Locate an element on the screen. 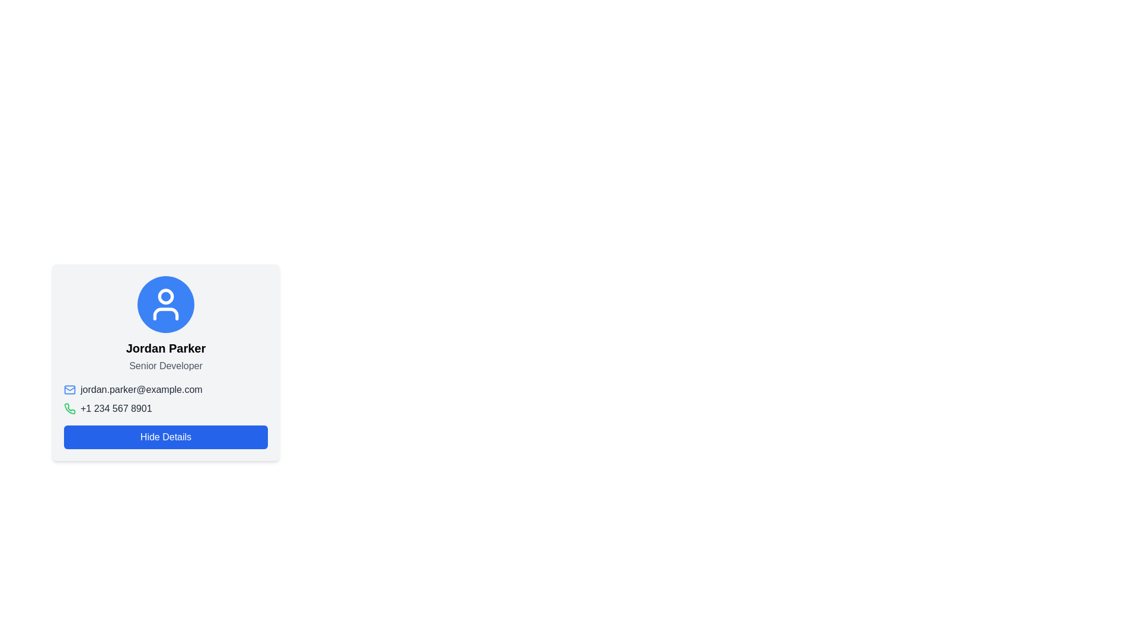  and copy the text from the informational section that displays the user's contact details, located in the lower-mid section of the card above the 'Hide Details' button is located at coordinates (165, 415).